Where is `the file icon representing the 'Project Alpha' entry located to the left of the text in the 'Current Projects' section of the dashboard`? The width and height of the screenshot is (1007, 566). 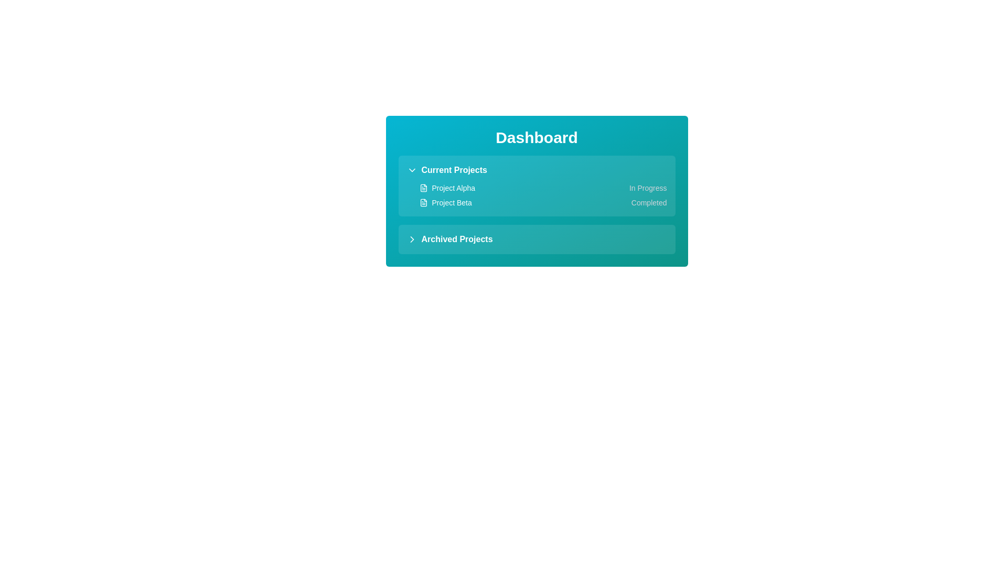
the file icon representing the 'Project Alpha' entry located to the left of the text in the 'Current Projects' section of the dashboard is located at coordinates (423, 187).